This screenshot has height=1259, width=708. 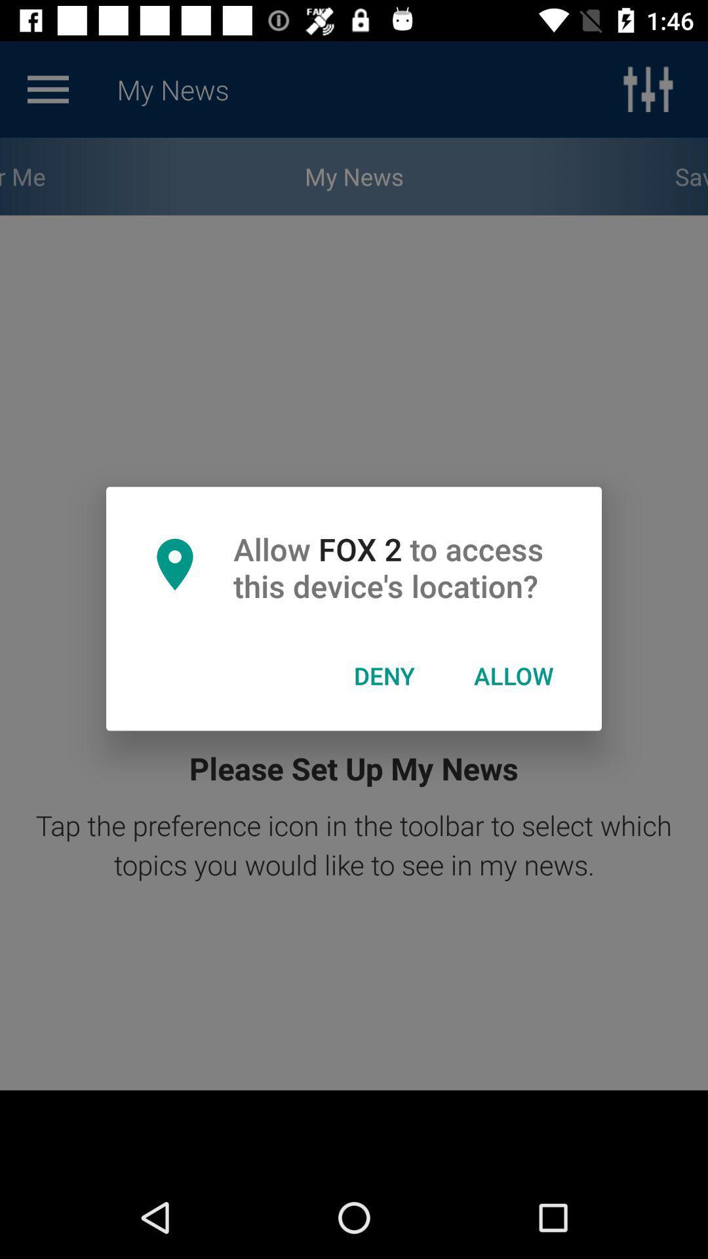 What do you see at coordinates (647, 89) in the screenshot?
I see `the sliders icon` at bounding box center [647, 89].